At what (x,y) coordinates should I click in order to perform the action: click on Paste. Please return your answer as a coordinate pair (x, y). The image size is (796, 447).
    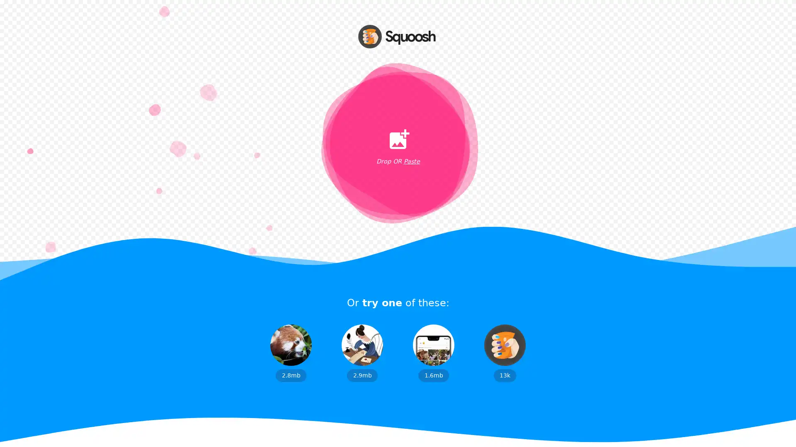
    Looking at the image, I should click on (411, 161).